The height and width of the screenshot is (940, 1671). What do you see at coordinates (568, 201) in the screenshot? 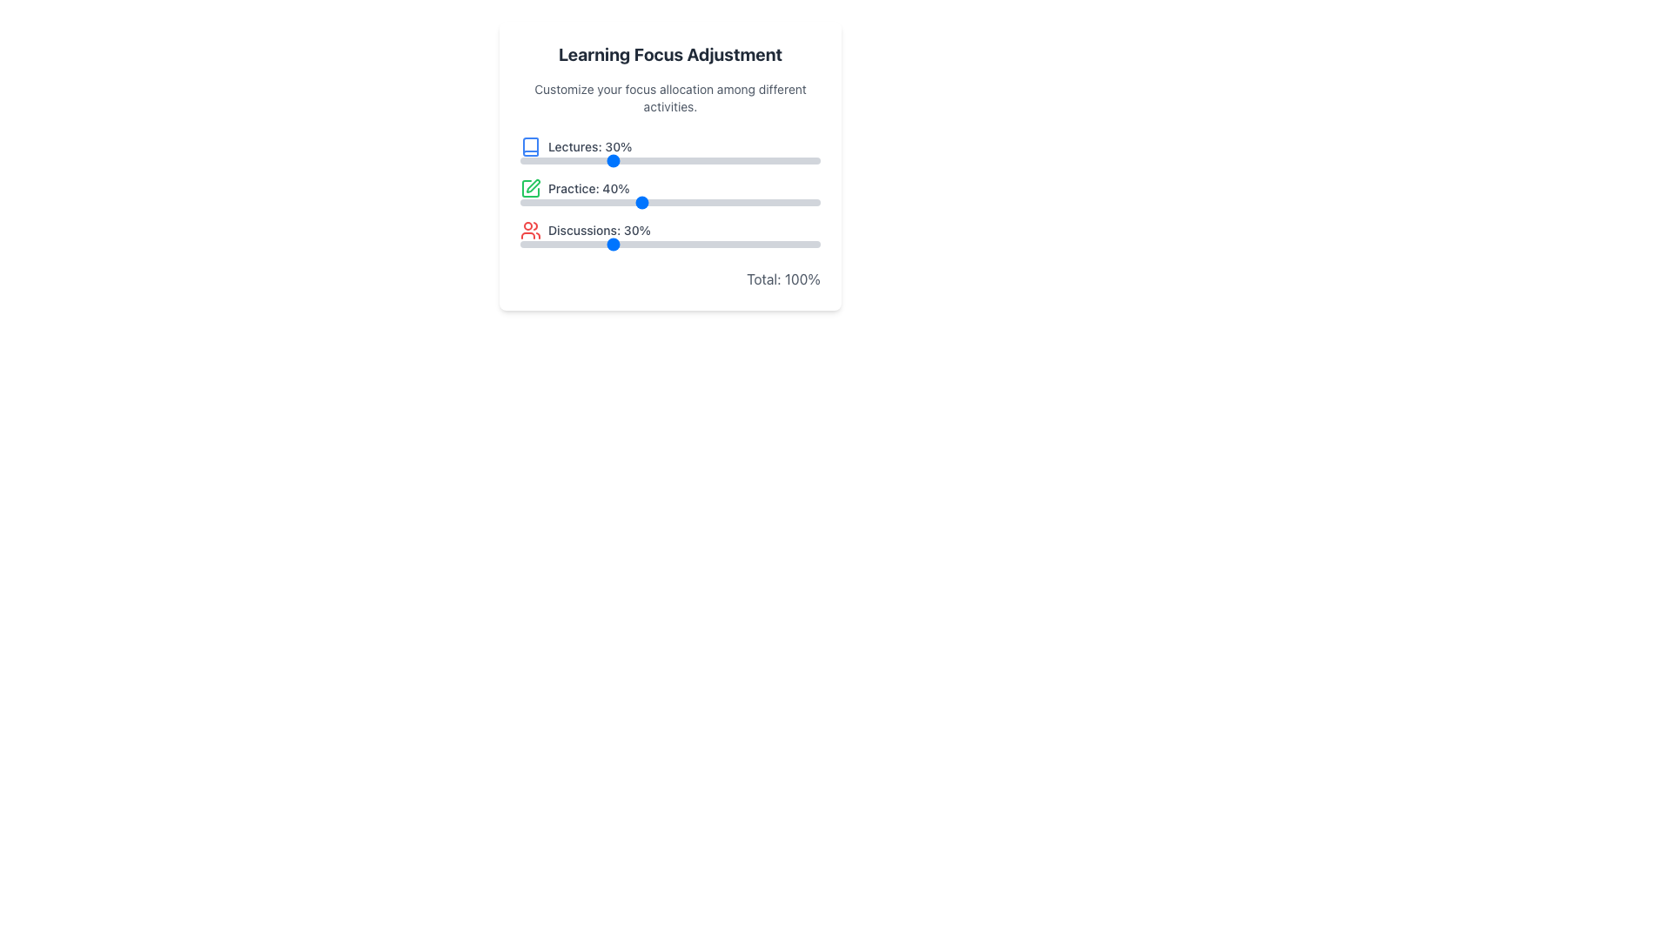
I see `the 'Practice' slider` at bounding box center [568, 201].